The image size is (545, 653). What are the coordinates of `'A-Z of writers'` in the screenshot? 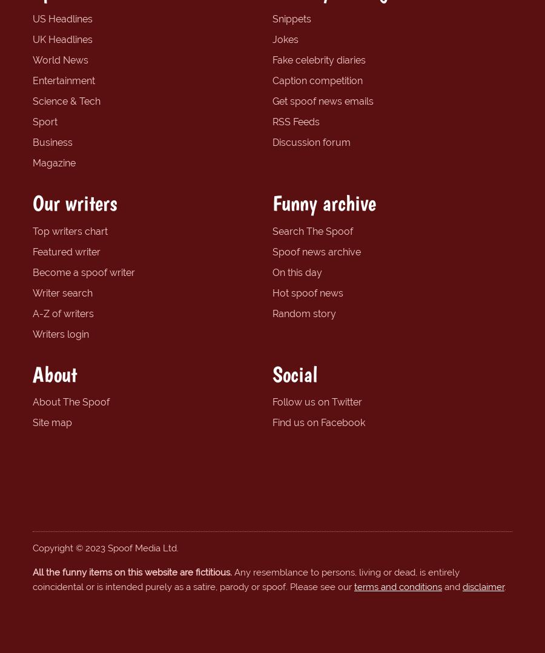 It's located at (62, 313).